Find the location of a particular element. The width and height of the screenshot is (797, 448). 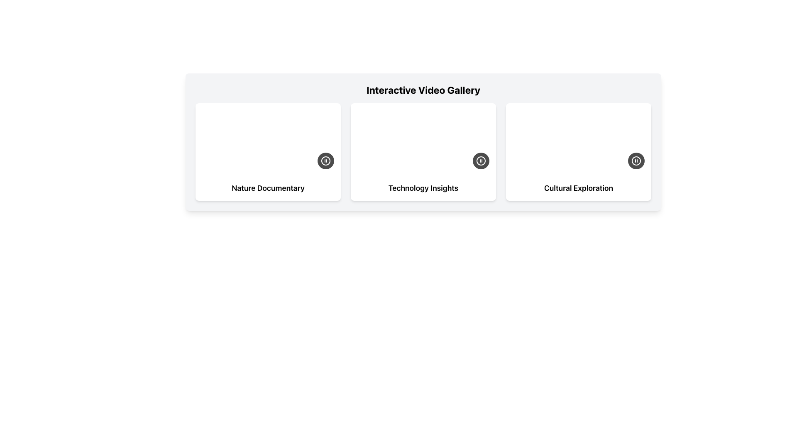

the visual cues of the second interactive video option represented by a circular graphic element located below the title 'Technology Insights' is located at coordinates (481, 161).